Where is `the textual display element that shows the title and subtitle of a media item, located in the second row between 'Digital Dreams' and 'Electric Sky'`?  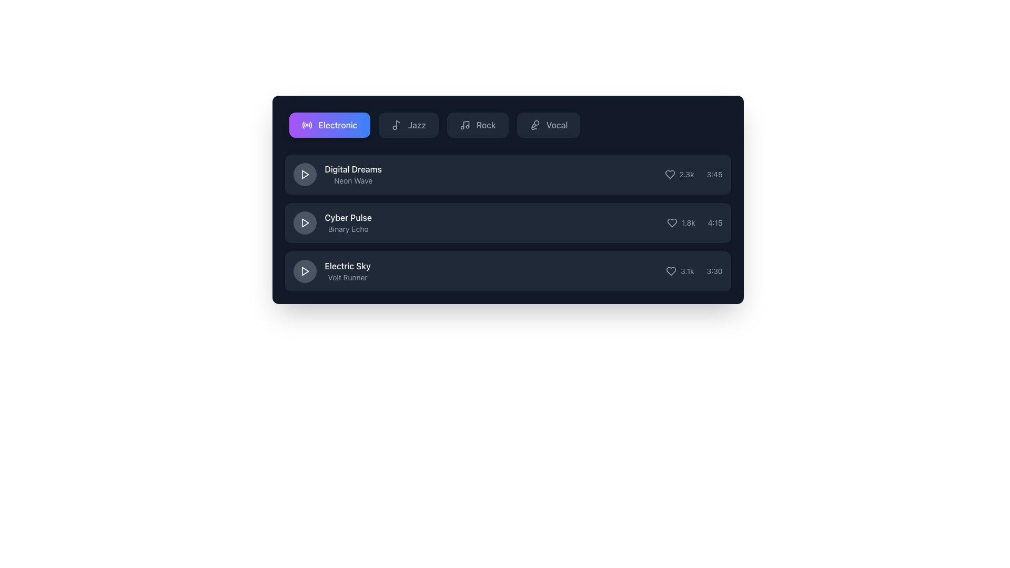 the textual display element that shows the title and subtitle of a media item, located in the second row between 'Digital Dreams' and 'Electric Sky' is located at coordinates (332, 222).